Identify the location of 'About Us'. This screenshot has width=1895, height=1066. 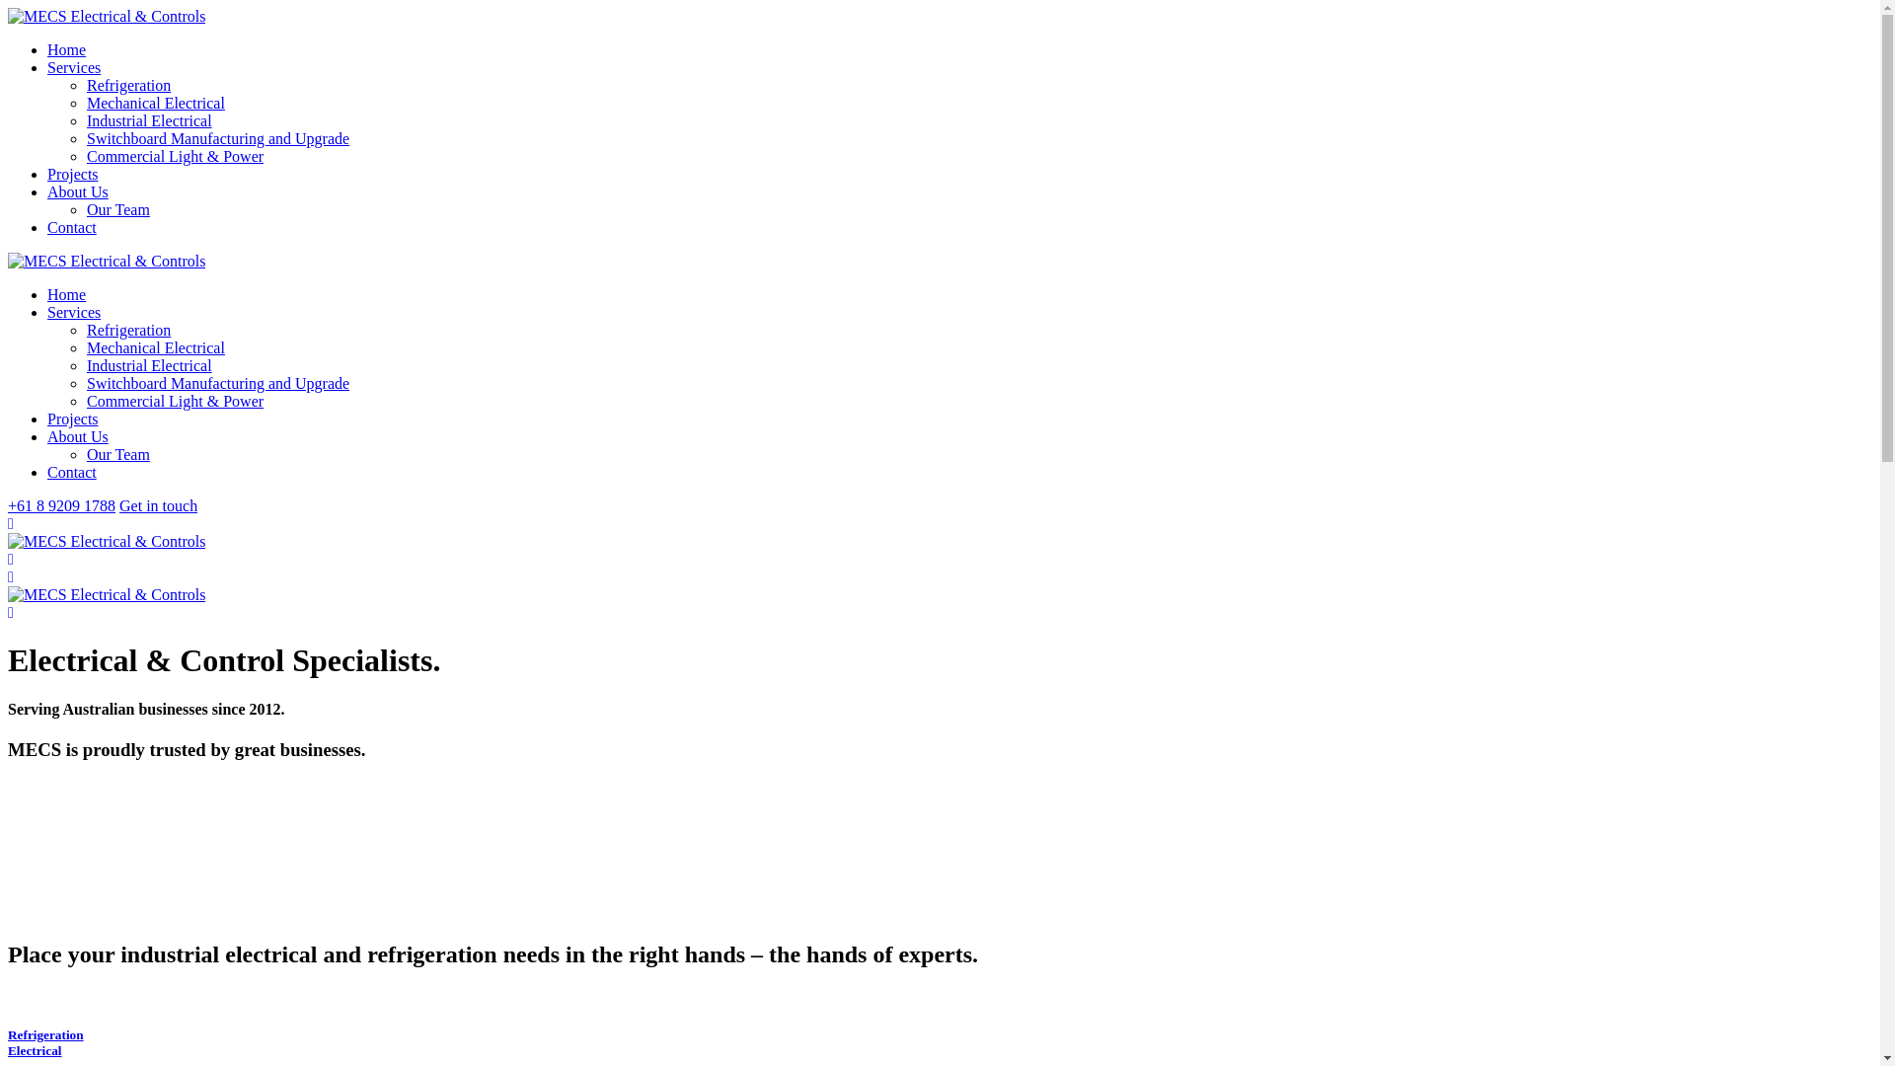
(77, 435).